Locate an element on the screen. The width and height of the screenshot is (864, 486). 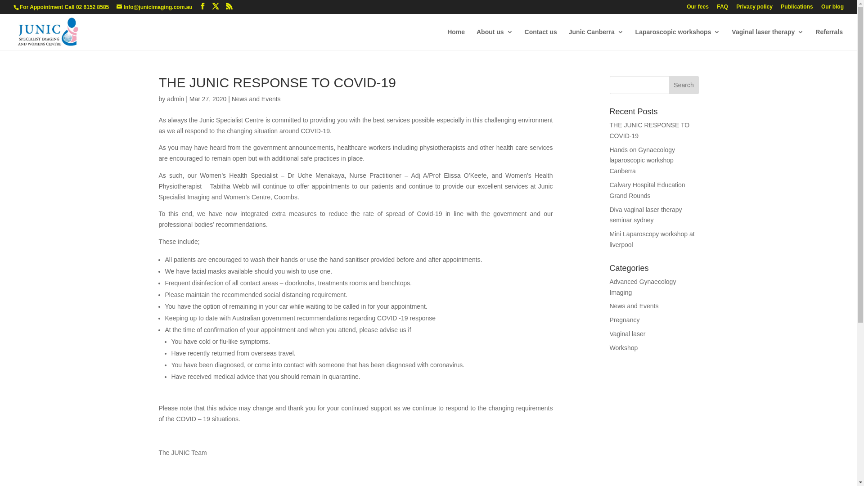
'Info@junicimaging.com.au' is located at coordinates (154, 7).